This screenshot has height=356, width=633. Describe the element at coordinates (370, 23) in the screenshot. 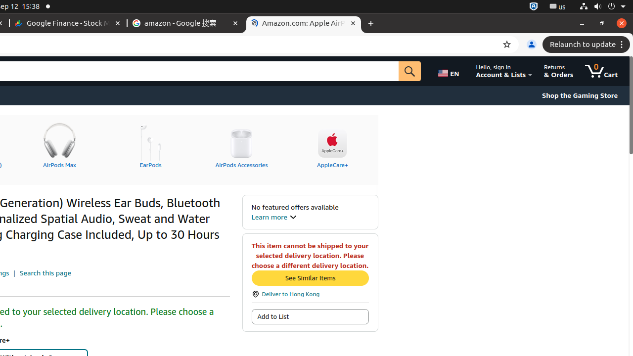

I see `'New Tab'` at that location.